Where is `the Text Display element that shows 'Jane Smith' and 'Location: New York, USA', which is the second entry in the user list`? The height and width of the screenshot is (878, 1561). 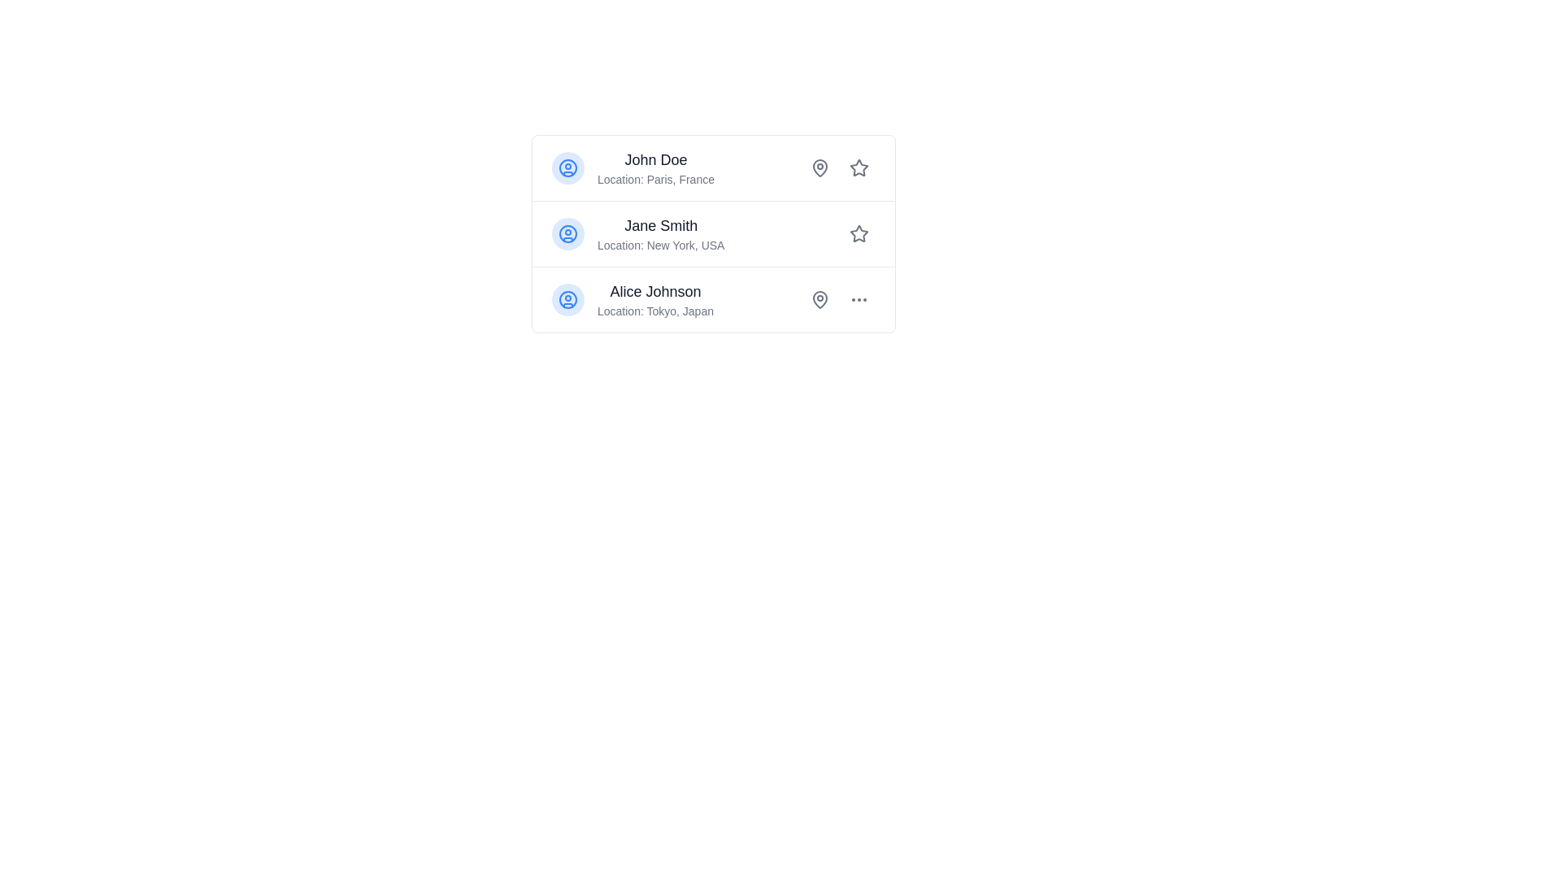
the Text Display element that shows 'Jane Smith' and 'Location: New York, USA', which is the second entry in the user list is located at coordinates (661, 234).